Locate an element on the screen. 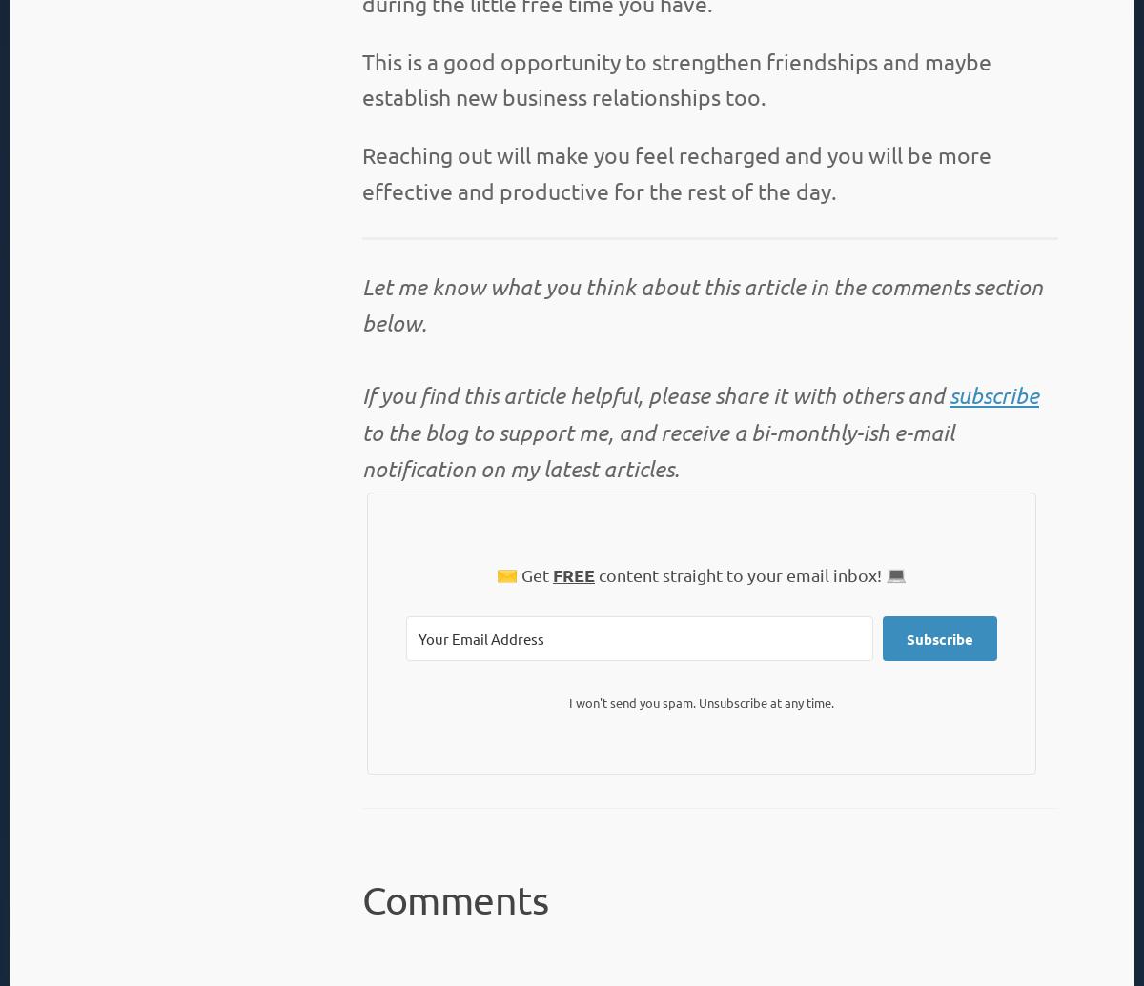  'subscribe' is located at coordinates (994, 395).